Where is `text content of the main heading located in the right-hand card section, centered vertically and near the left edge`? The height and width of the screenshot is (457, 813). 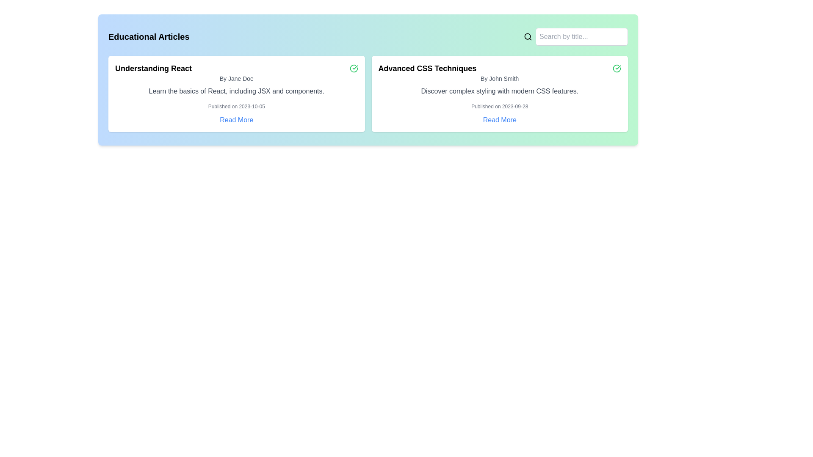
text content of the main heading located in the right-hand card section, centered vertically and near the left edge is located at coordinates (427, 68).